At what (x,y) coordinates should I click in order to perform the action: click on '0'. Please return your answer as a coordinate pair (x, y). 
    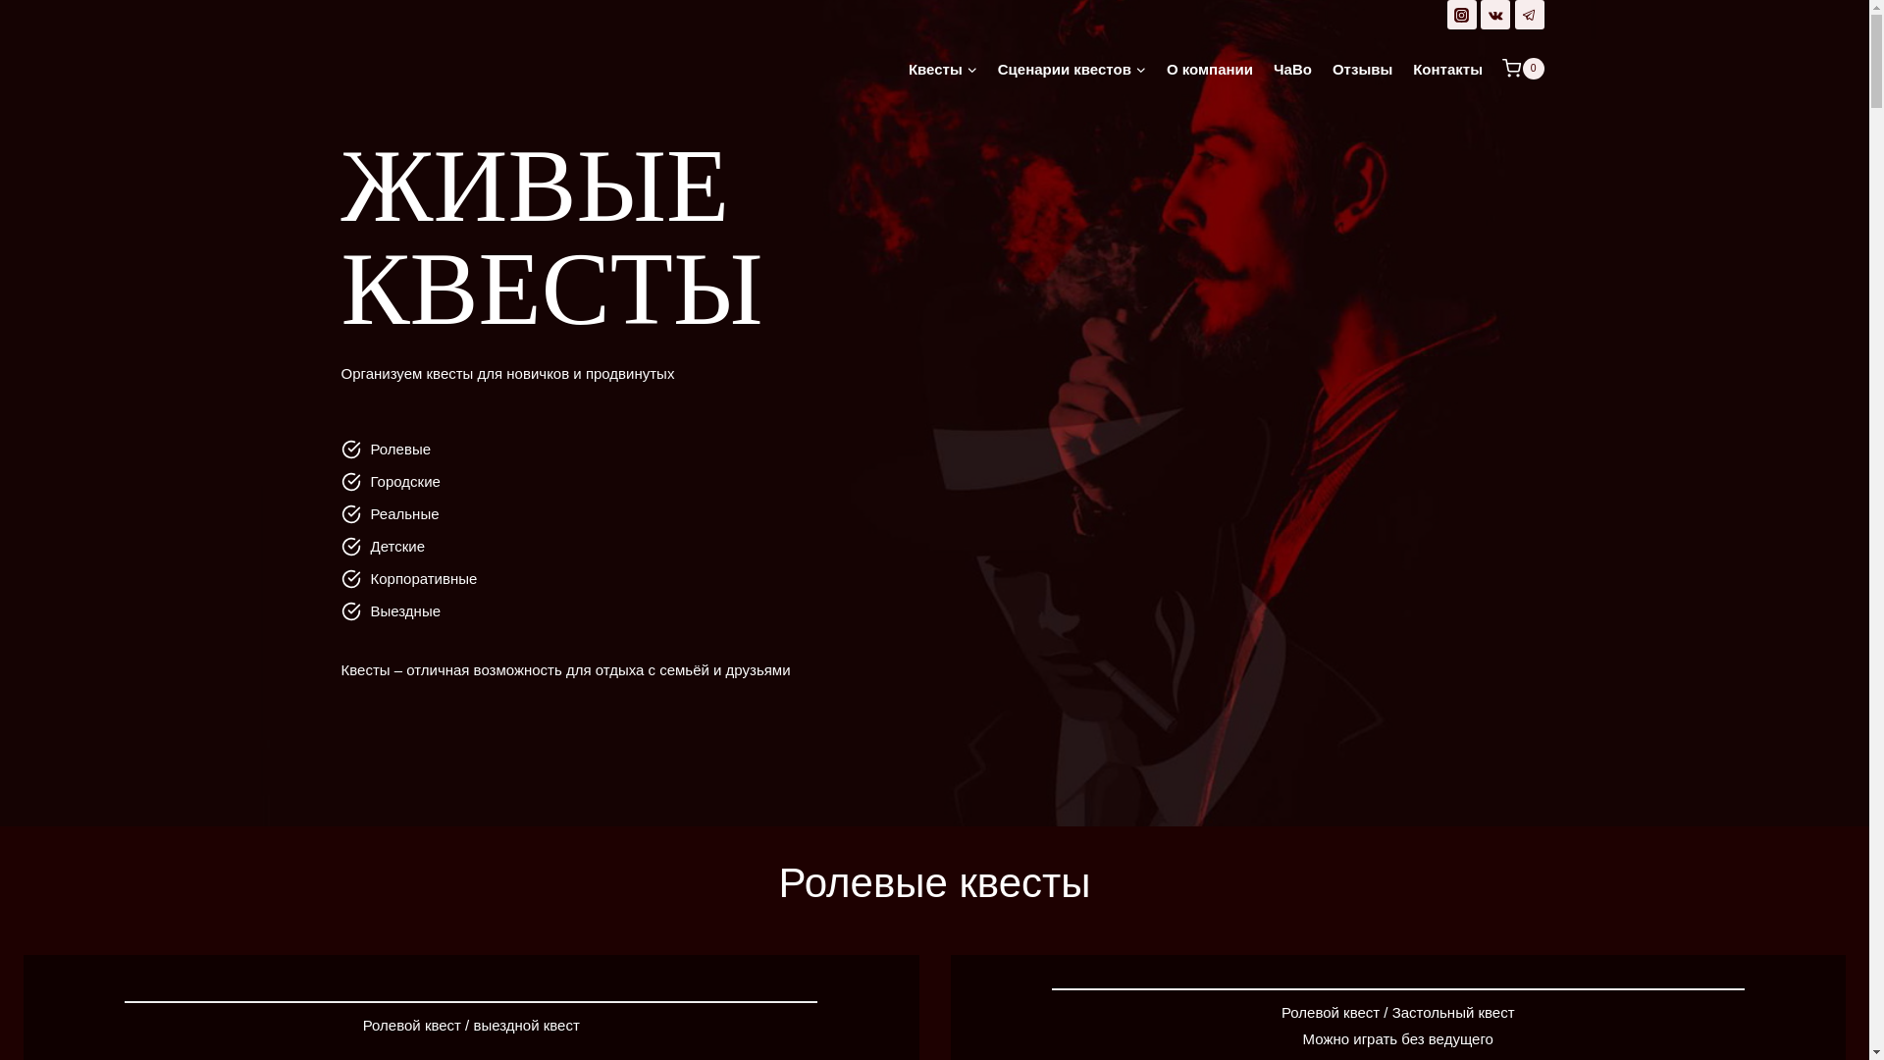
    Looking at the image, I should click on (1521, 67).